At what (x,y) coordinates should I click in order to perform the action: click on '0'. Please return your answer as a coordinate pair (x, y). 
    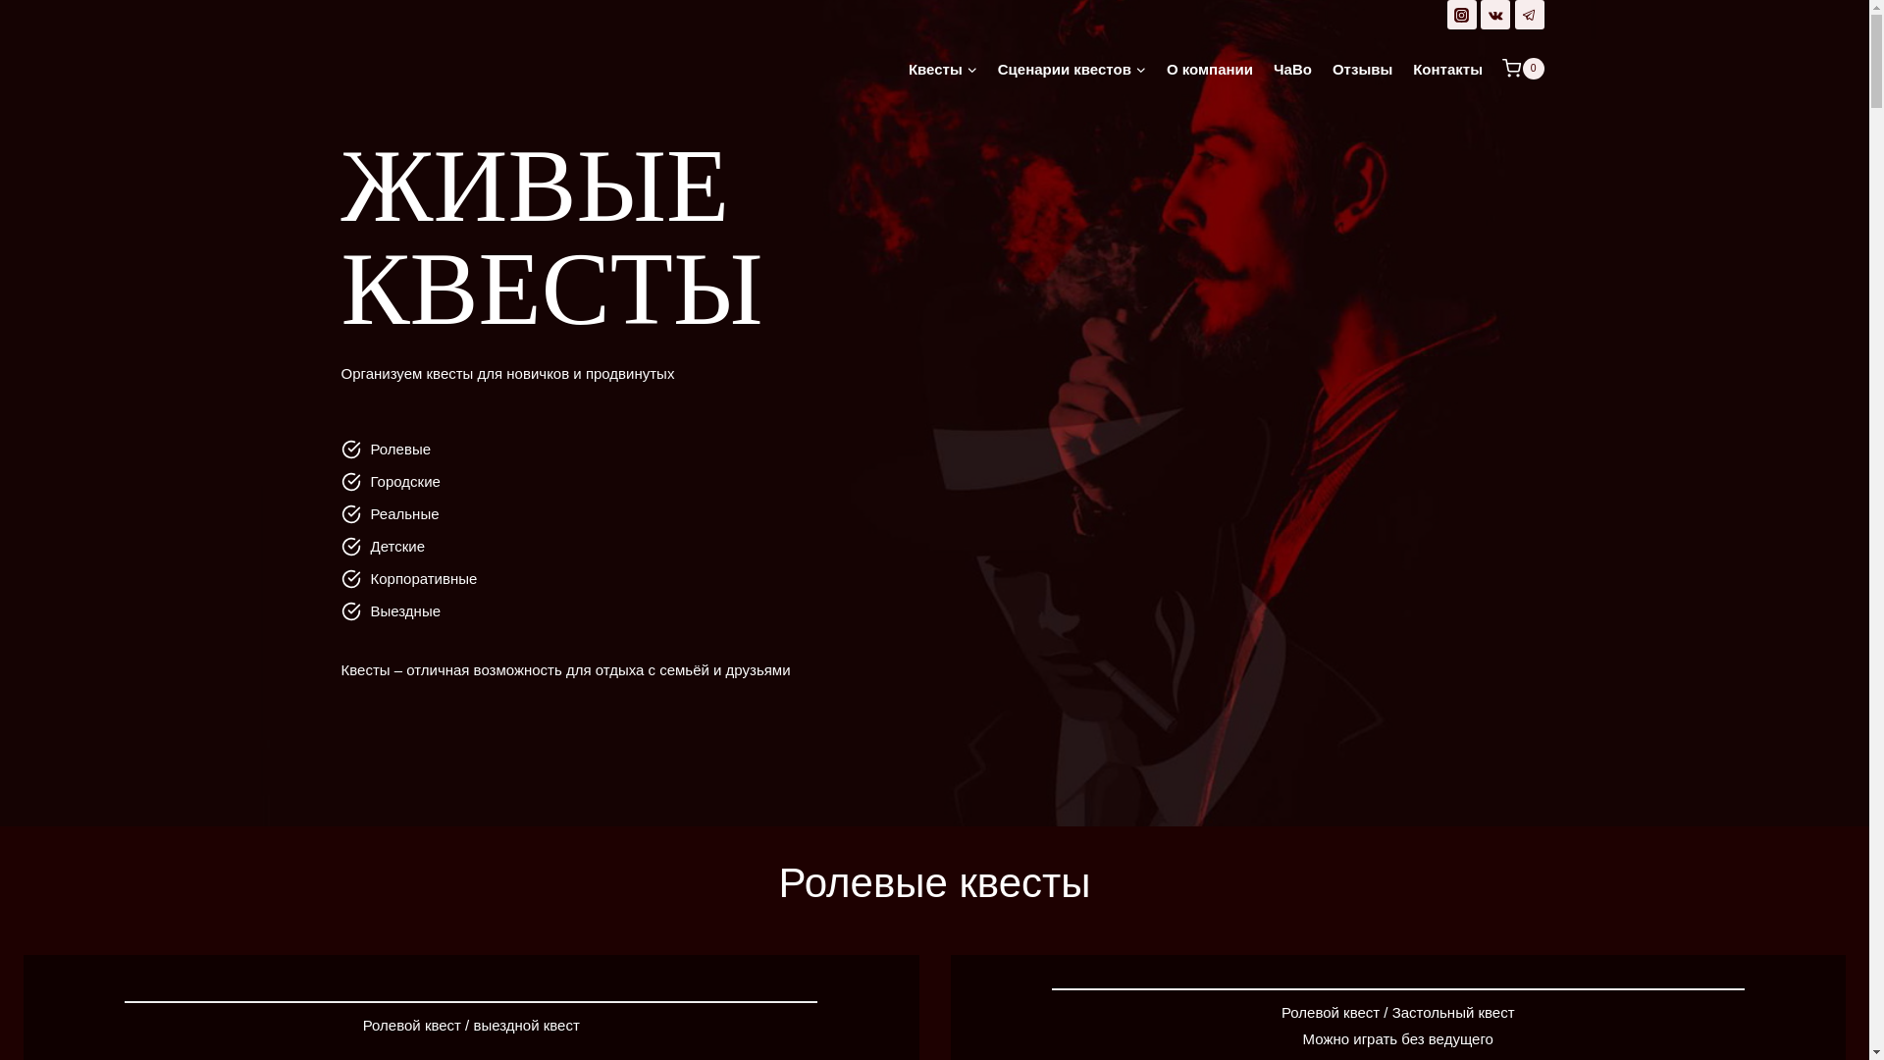
    Looking at the image, I should click on (1521, 67).